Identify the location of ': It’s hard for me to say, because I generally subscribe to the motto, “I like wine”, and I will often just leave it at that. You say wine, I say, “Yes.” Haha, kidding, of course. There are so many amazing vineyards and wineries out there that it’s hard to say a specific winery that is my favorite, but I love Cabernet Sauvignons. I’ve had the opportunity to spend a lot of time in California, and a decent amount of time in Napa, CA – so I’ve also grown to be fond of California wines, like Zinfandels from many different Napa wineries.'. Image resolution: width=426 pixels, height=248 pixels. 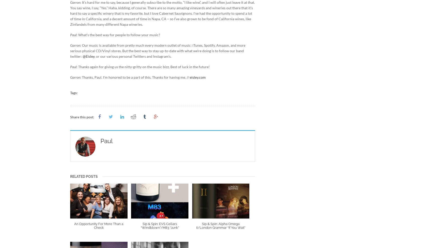
(162, 13).